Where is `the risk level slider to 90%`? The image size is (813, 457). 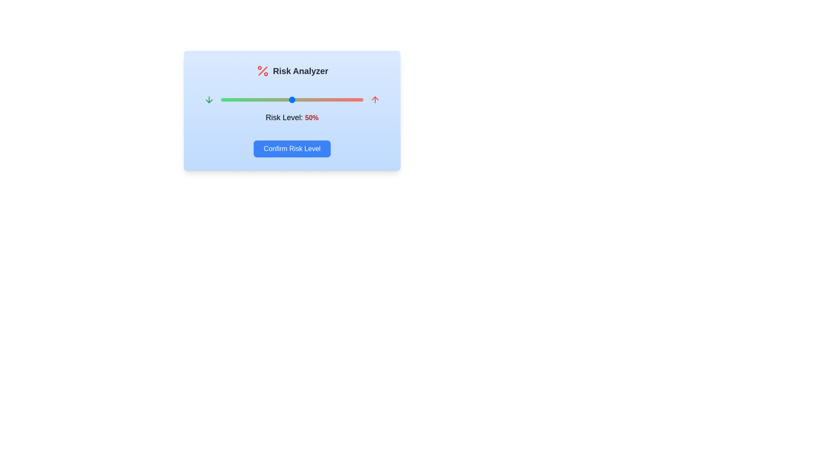 the risk level slider to 90% is located at coordinates (349, 99).